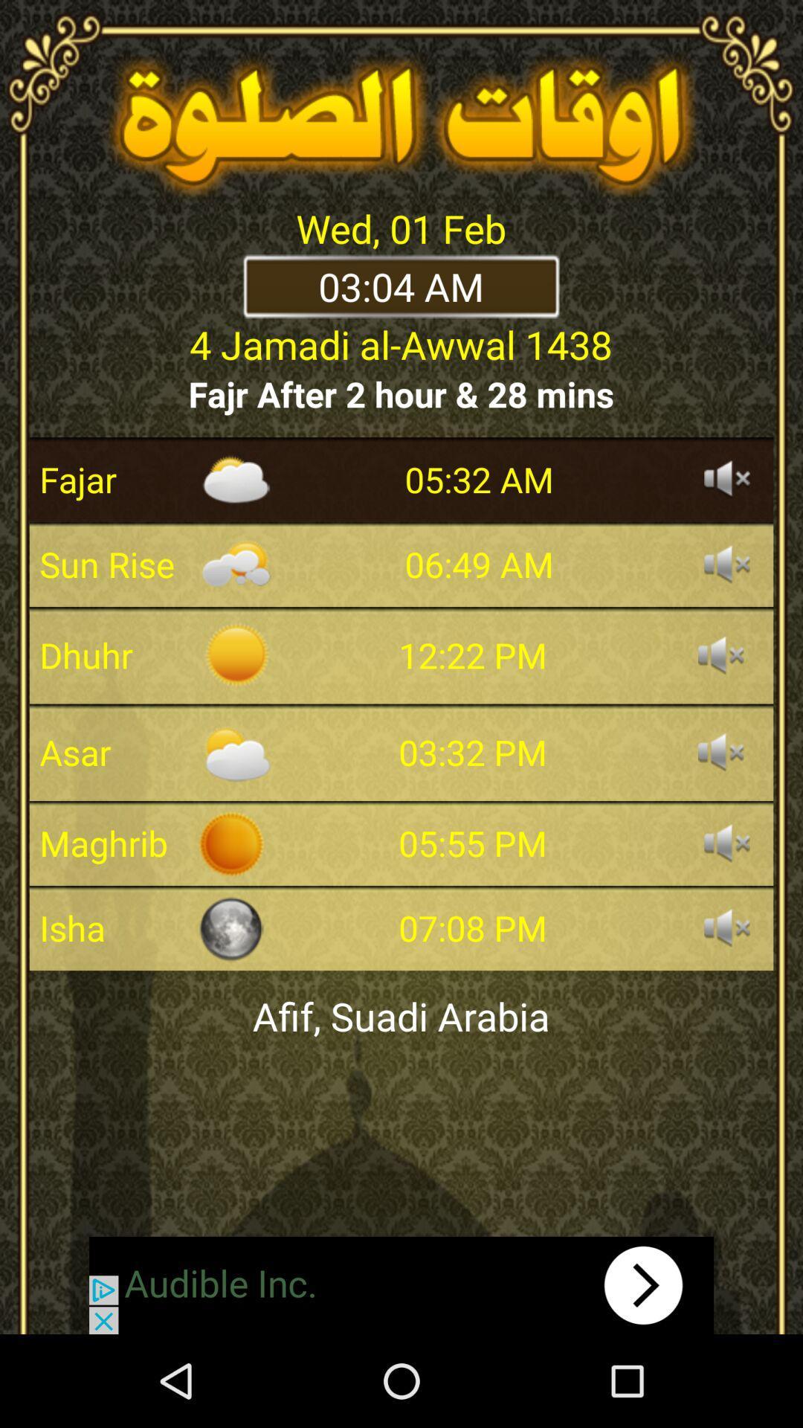  Describe the element at coordinates (726, 479) in the screenshot. I see `the volume icon` at that location.